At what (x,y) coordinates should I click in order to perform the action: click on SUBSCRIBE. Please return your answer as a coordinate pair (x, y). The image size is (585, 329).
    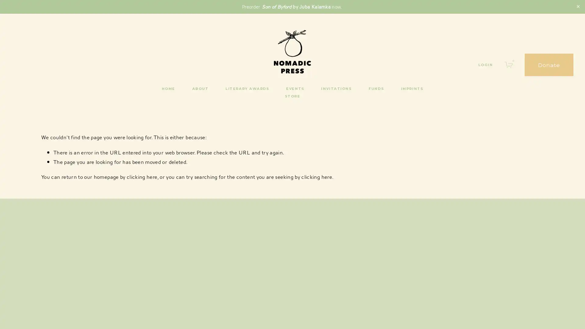
    Looking at the image, I should click on (516, 266).